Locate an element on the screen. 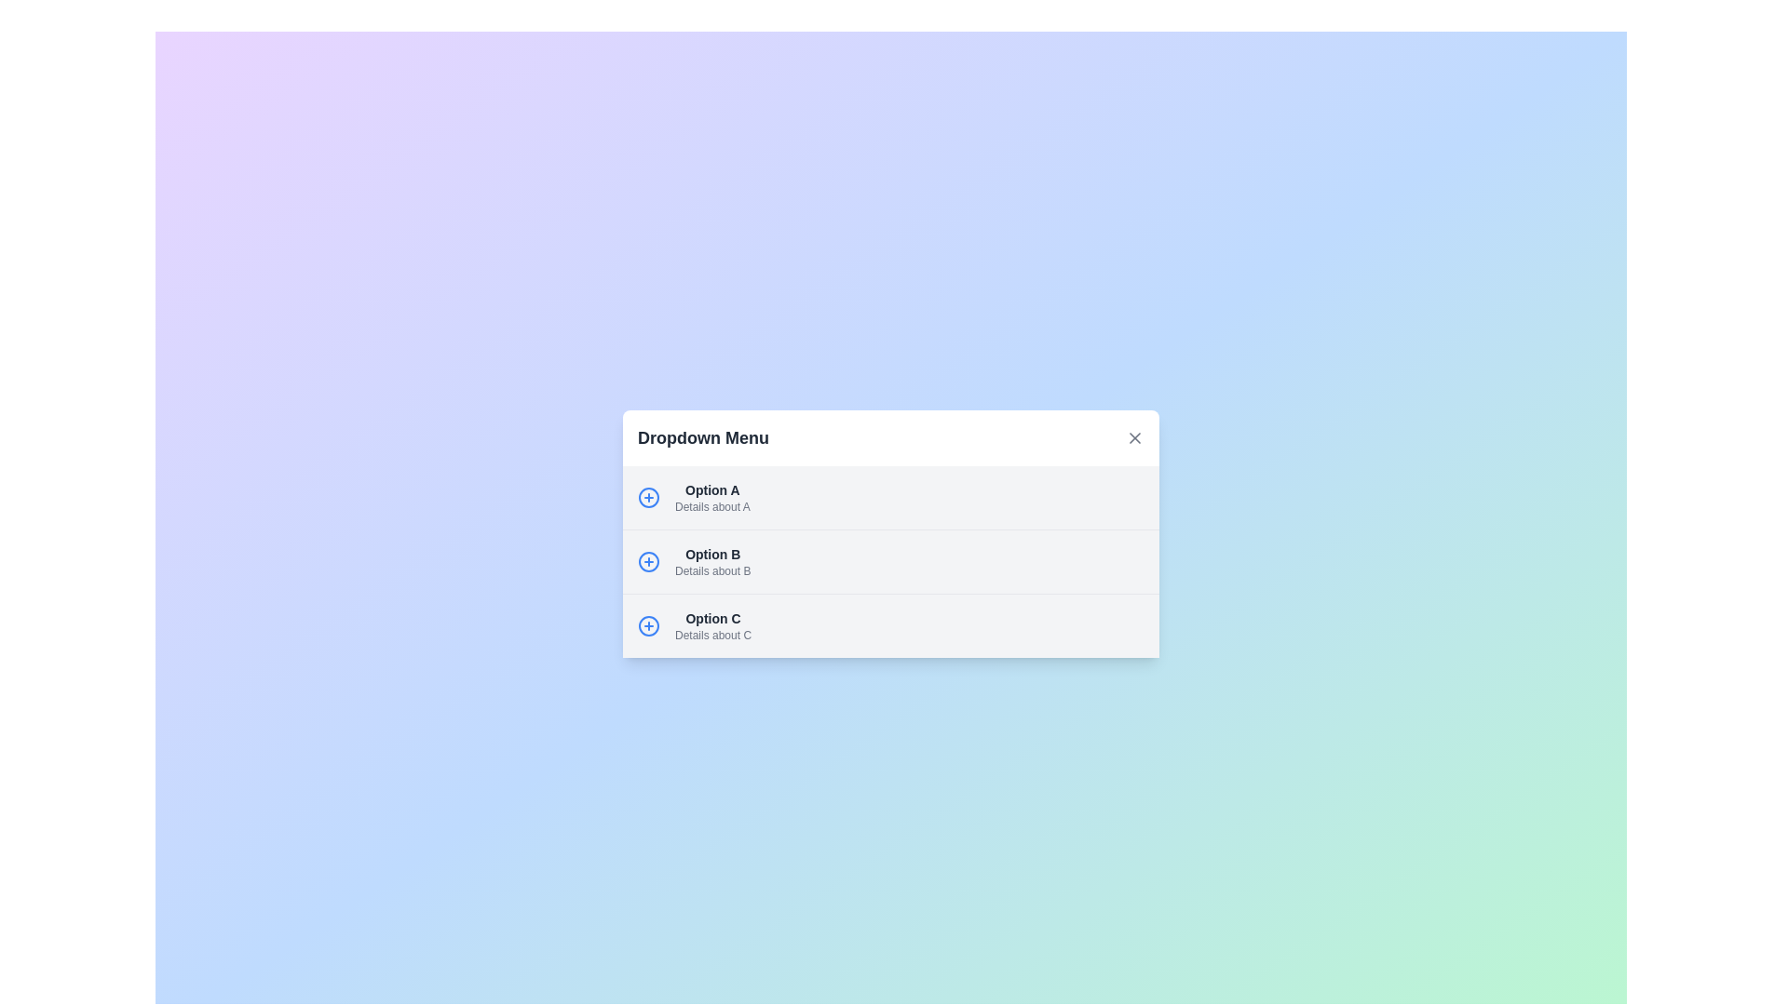 This screenshot has height=1005, width=1788. the descriptive text reading 'Details about B', which is styled in a small light gray font and located directly below the 'Option B' label in the dropdown menu is located at coordinates (711, 569).